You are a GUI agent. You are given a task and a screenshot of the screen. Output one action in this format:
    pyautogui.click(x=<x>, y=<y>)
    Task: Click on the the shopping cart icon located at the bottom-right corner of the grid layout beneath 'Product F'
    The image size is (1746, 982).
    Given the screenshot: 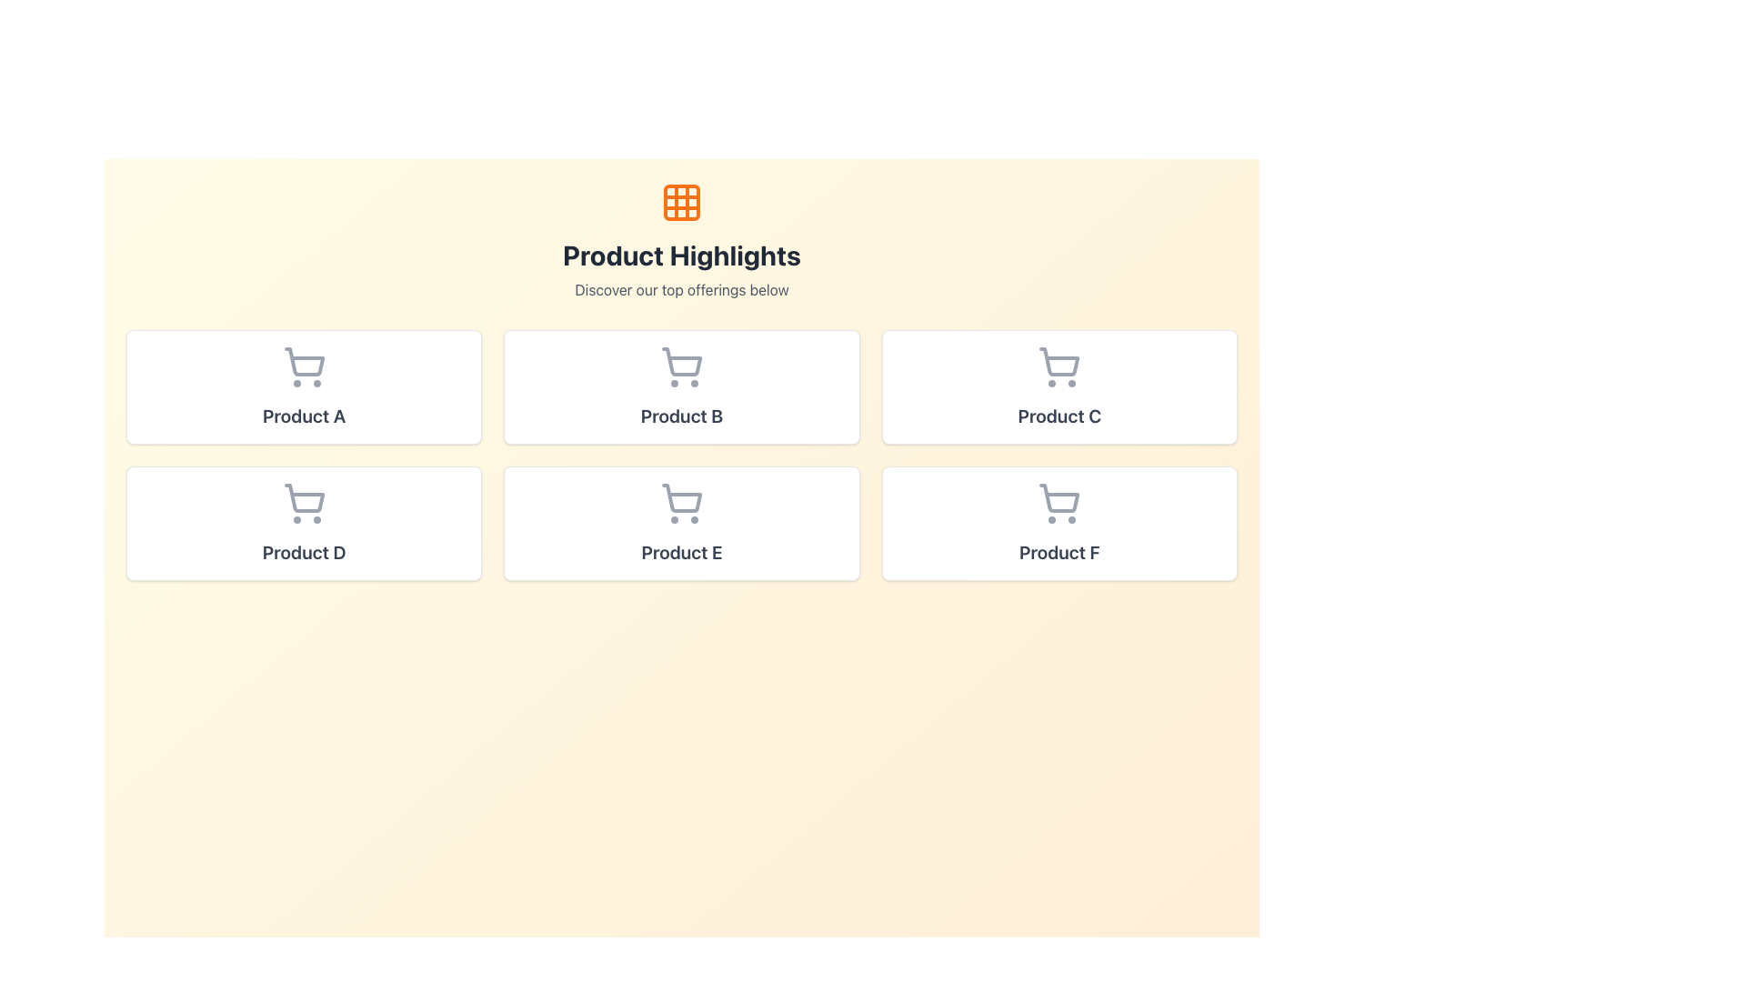 What is the action you would take?
    pyautogui.click(x=1059, y=498)
    